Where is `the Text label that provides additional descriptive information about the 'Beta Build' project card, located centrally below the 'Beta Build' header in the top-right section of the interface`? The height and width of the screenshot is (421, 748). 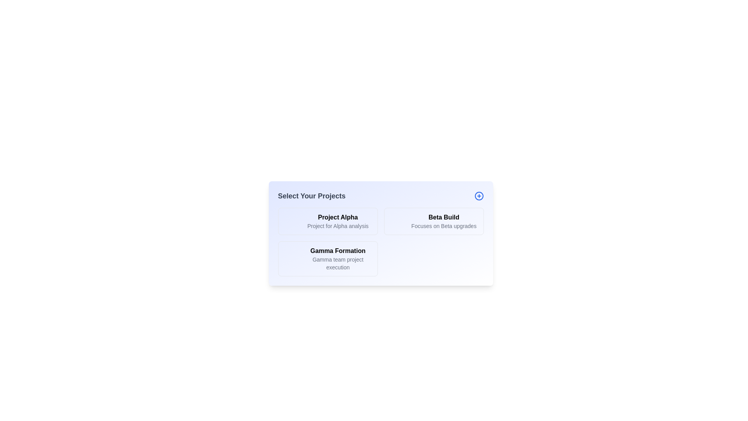 the Text label that provides additional descriptive information about the 'Beta Build' project card, located centrally below the 'Beta Build' header in the top-right section of the interface is located at coordinates (444, 226).